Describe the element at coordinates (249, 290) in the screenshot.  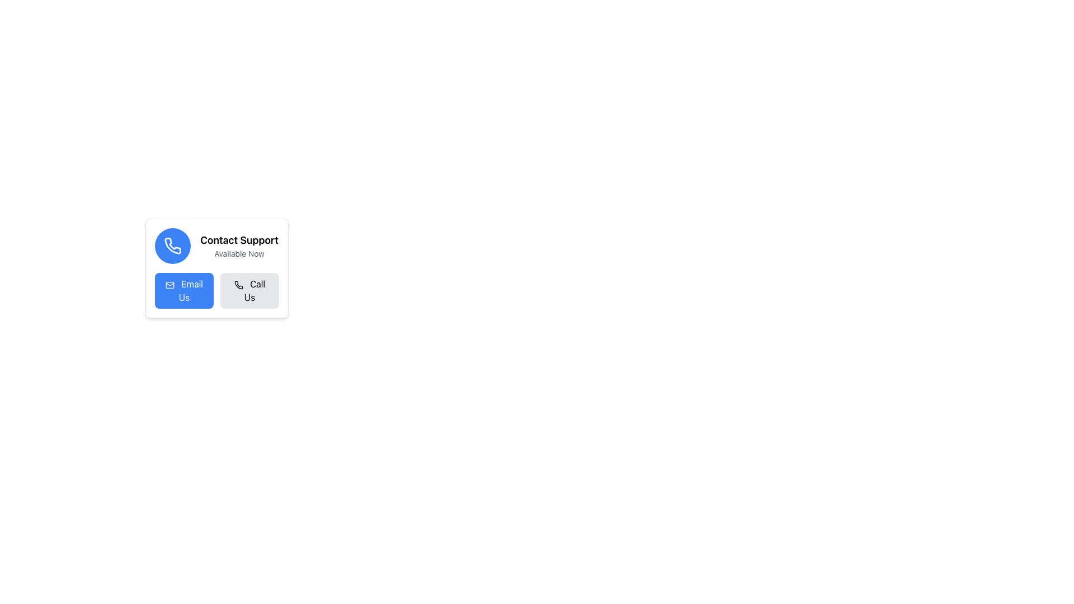
I see `the 'Call Us' button with a light gray background and rounded corners` at that location.